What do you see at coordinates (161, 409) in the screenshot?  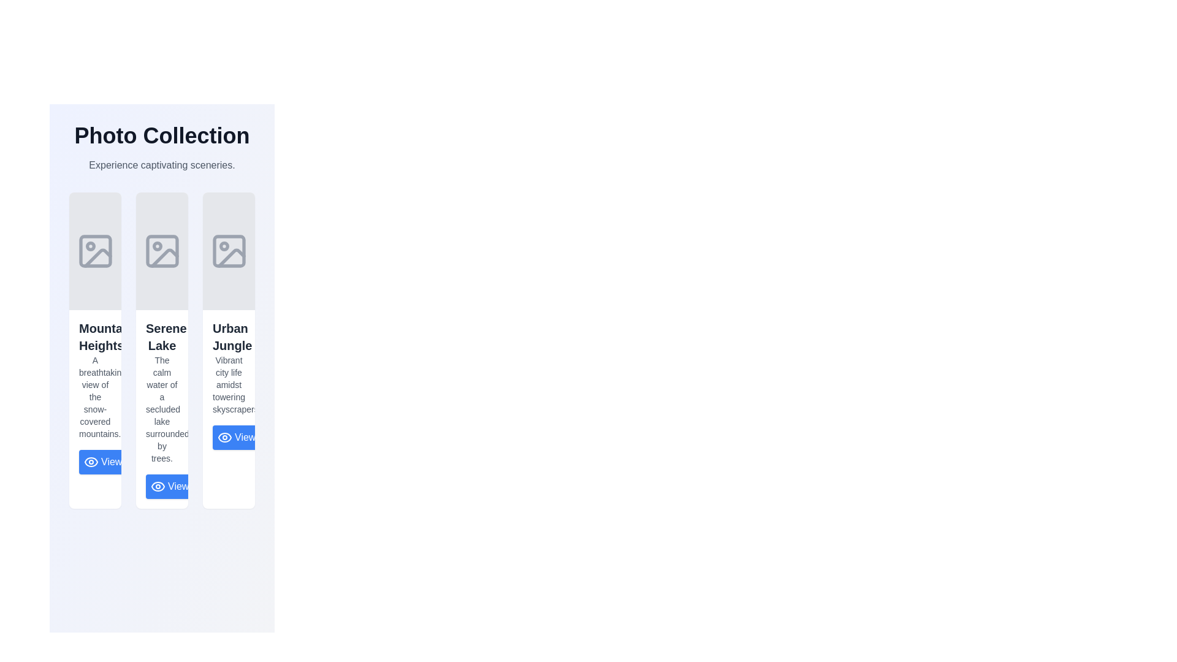 I see `the static text element that provides a detailed description of the 'Serene Lake' card, located in the 'Photo Collection' section, positioned between the title and action buttons` at bounding box center [161, 409].